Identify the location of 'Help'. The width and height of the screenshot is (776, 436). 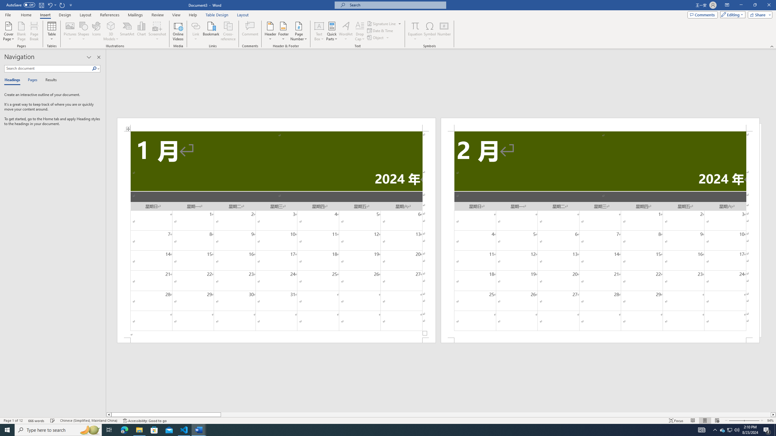
(192, 15).